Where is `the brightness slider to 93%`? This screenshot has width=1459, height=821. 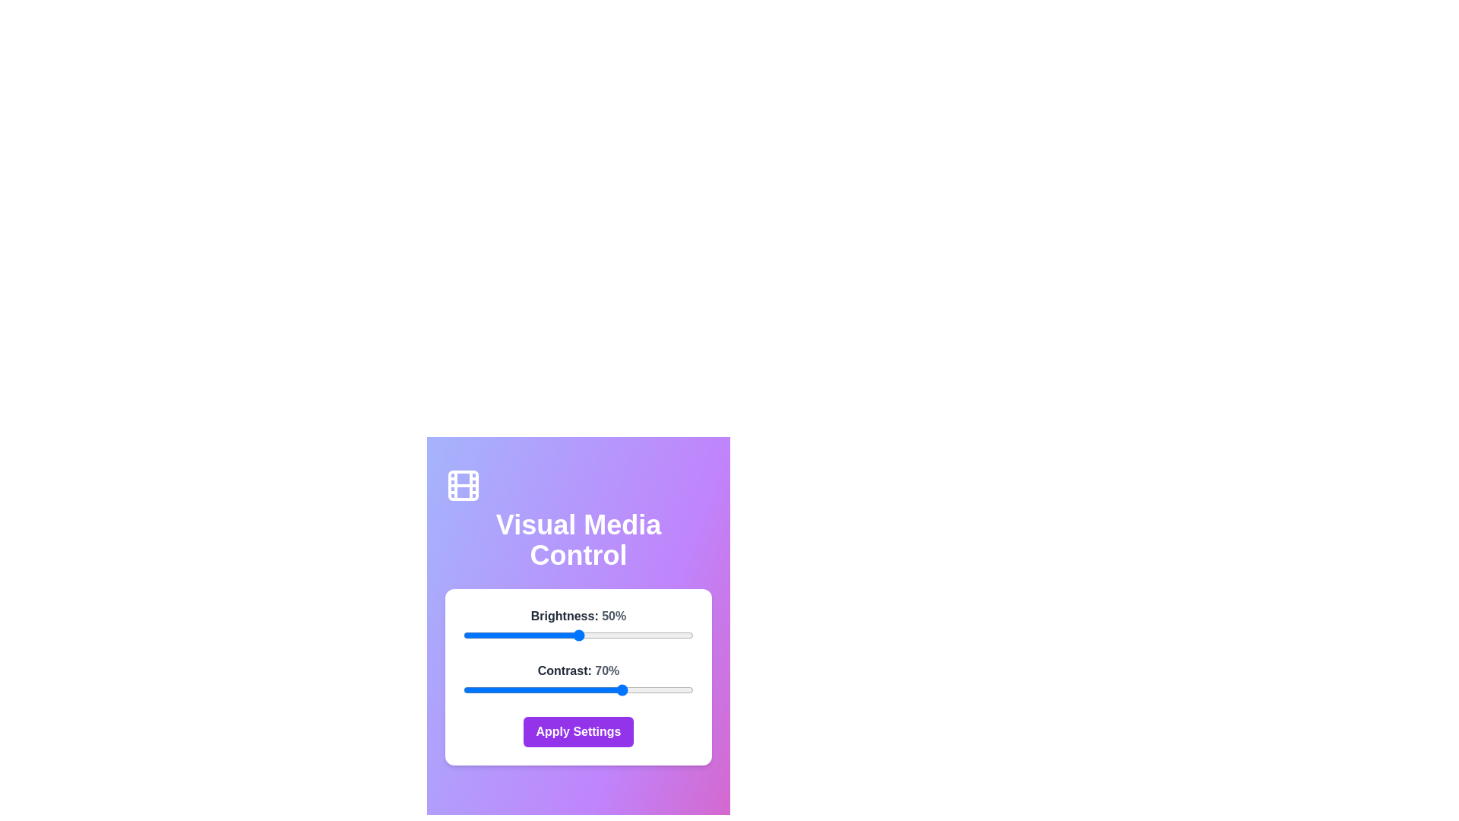 the brightness slider to 93% is located at coordinates (676, 636).